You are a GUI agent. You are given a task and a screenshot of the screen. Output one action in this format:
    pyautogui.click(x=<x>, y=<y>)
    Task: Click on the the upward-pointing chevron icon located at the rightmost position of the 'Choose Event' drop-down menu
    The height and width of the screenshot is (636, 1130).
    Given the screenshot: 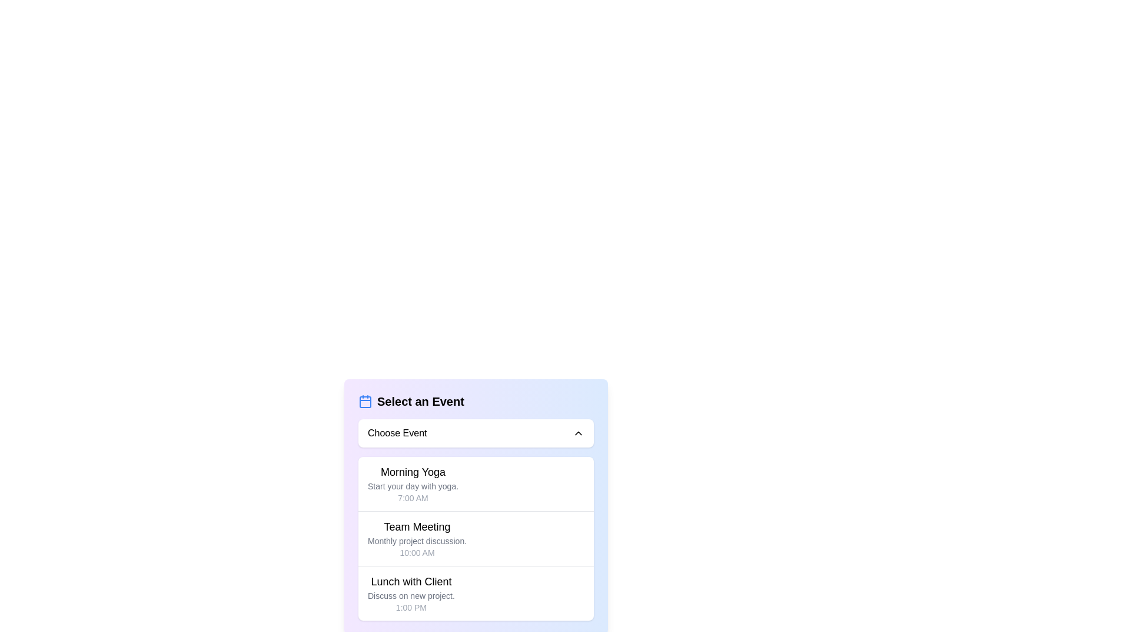 What is the action you would take?
    pyautogui.click(x=579, y=433)
    